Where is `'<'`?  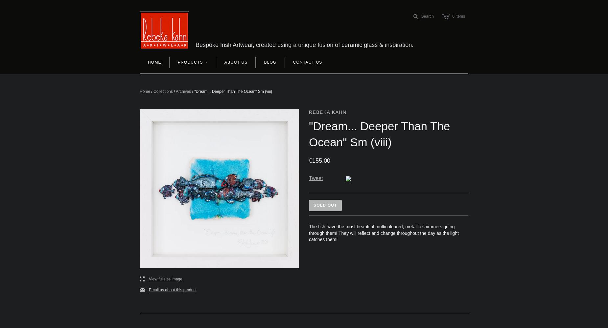 '<' is located at coordinates (206, 62).